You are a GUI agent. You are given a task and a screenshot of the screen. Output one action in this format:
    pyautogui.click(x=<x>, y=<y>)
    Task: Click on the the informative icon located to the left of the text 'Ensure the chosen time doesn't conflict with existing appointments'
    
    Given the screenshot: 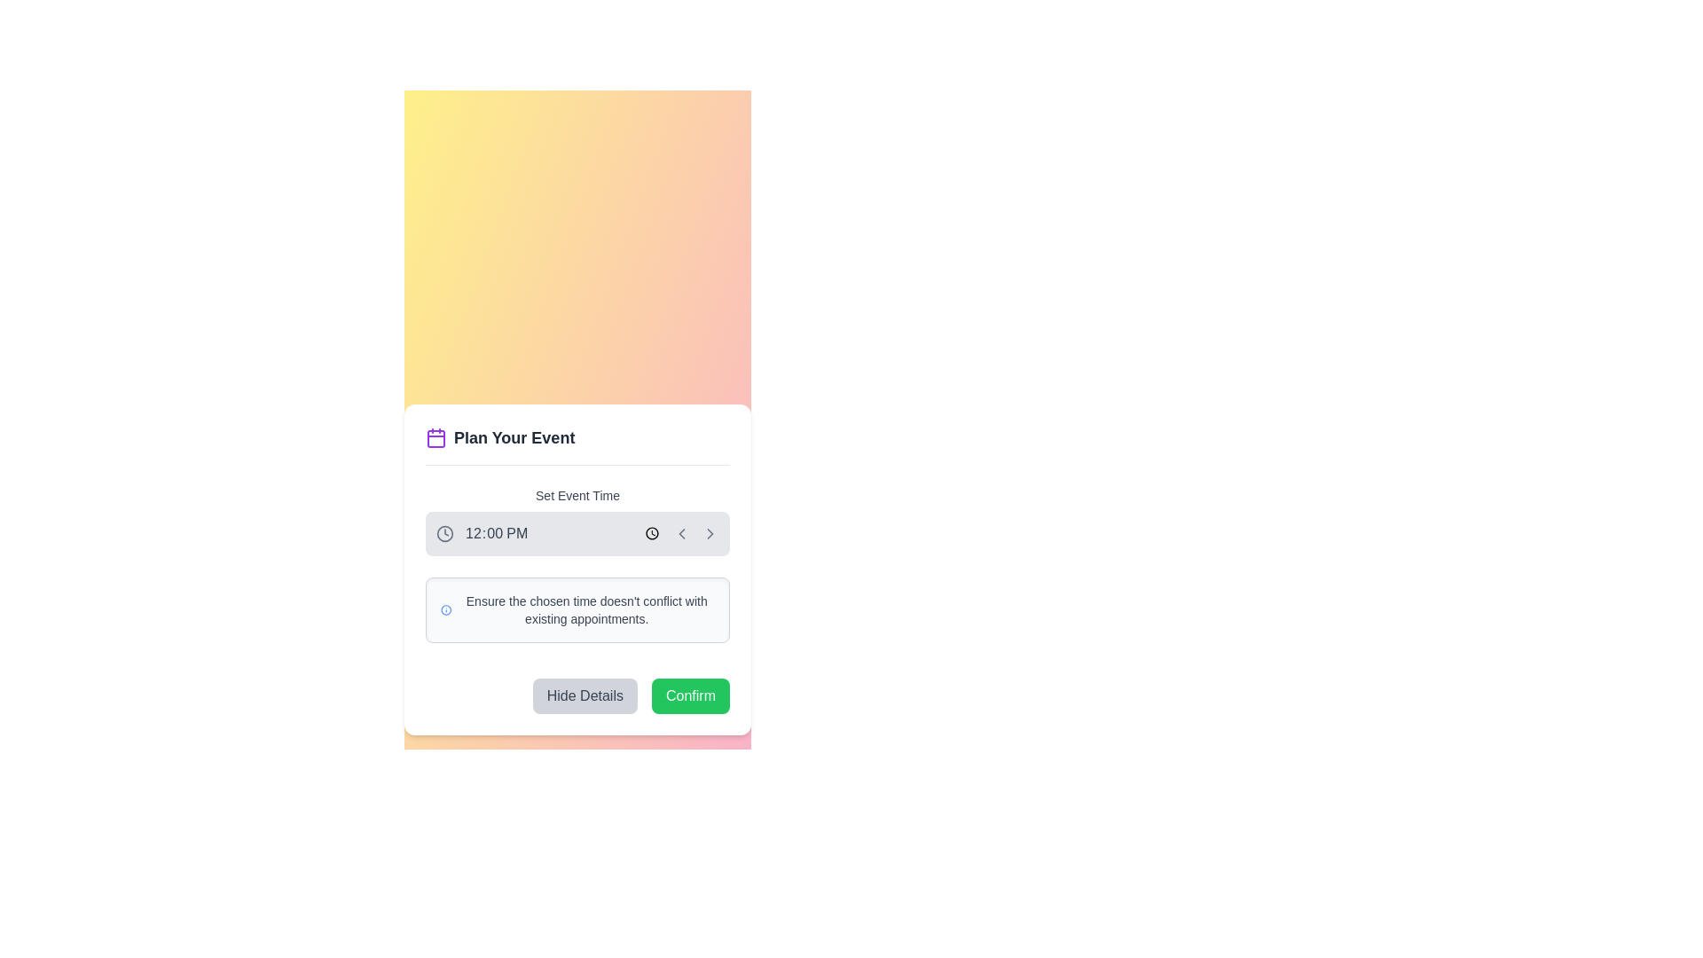 What is the action you would take?
    pyautogui.click(x=446, y=609)
    